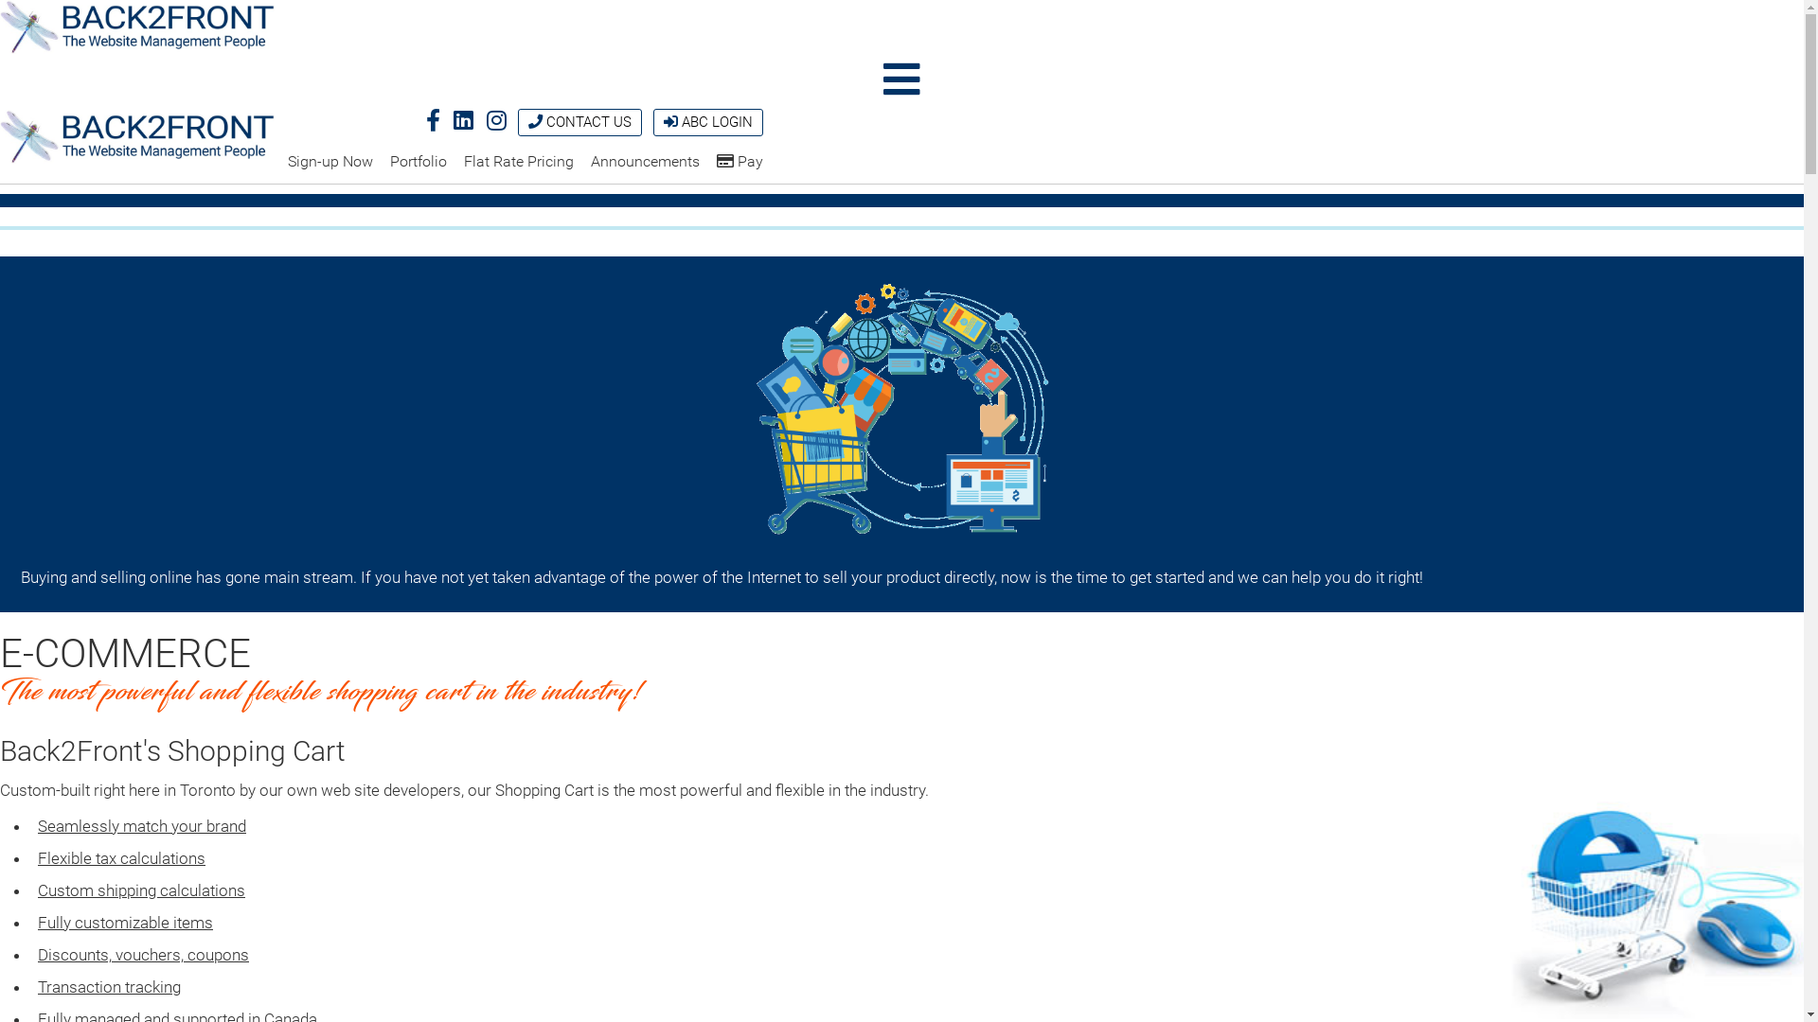 The image size is (1818, 1022). I want to click on 'Transaction tracking', so click(108, 985).